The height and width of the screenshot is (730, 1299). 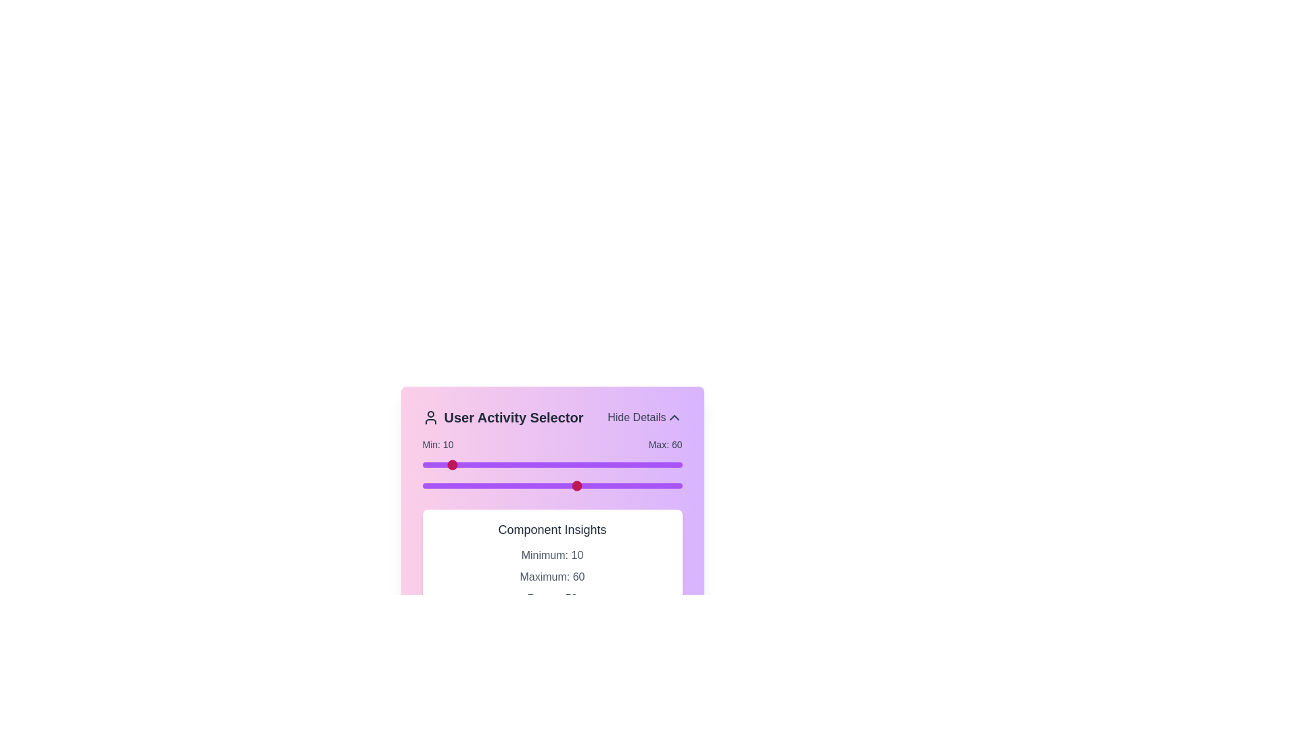 What do you see at coordinates (679, 464) in the screenshot?
I see `the slider to set the range value to 99` at bounding box center [679, 464].